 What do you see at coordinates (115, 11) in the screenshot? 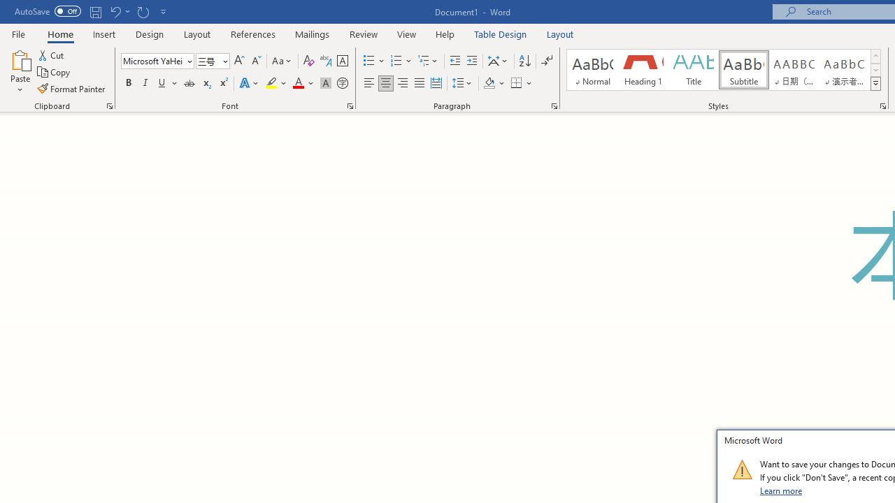
I see `'Undo Grow Font'` at bounding box center [115, 11].